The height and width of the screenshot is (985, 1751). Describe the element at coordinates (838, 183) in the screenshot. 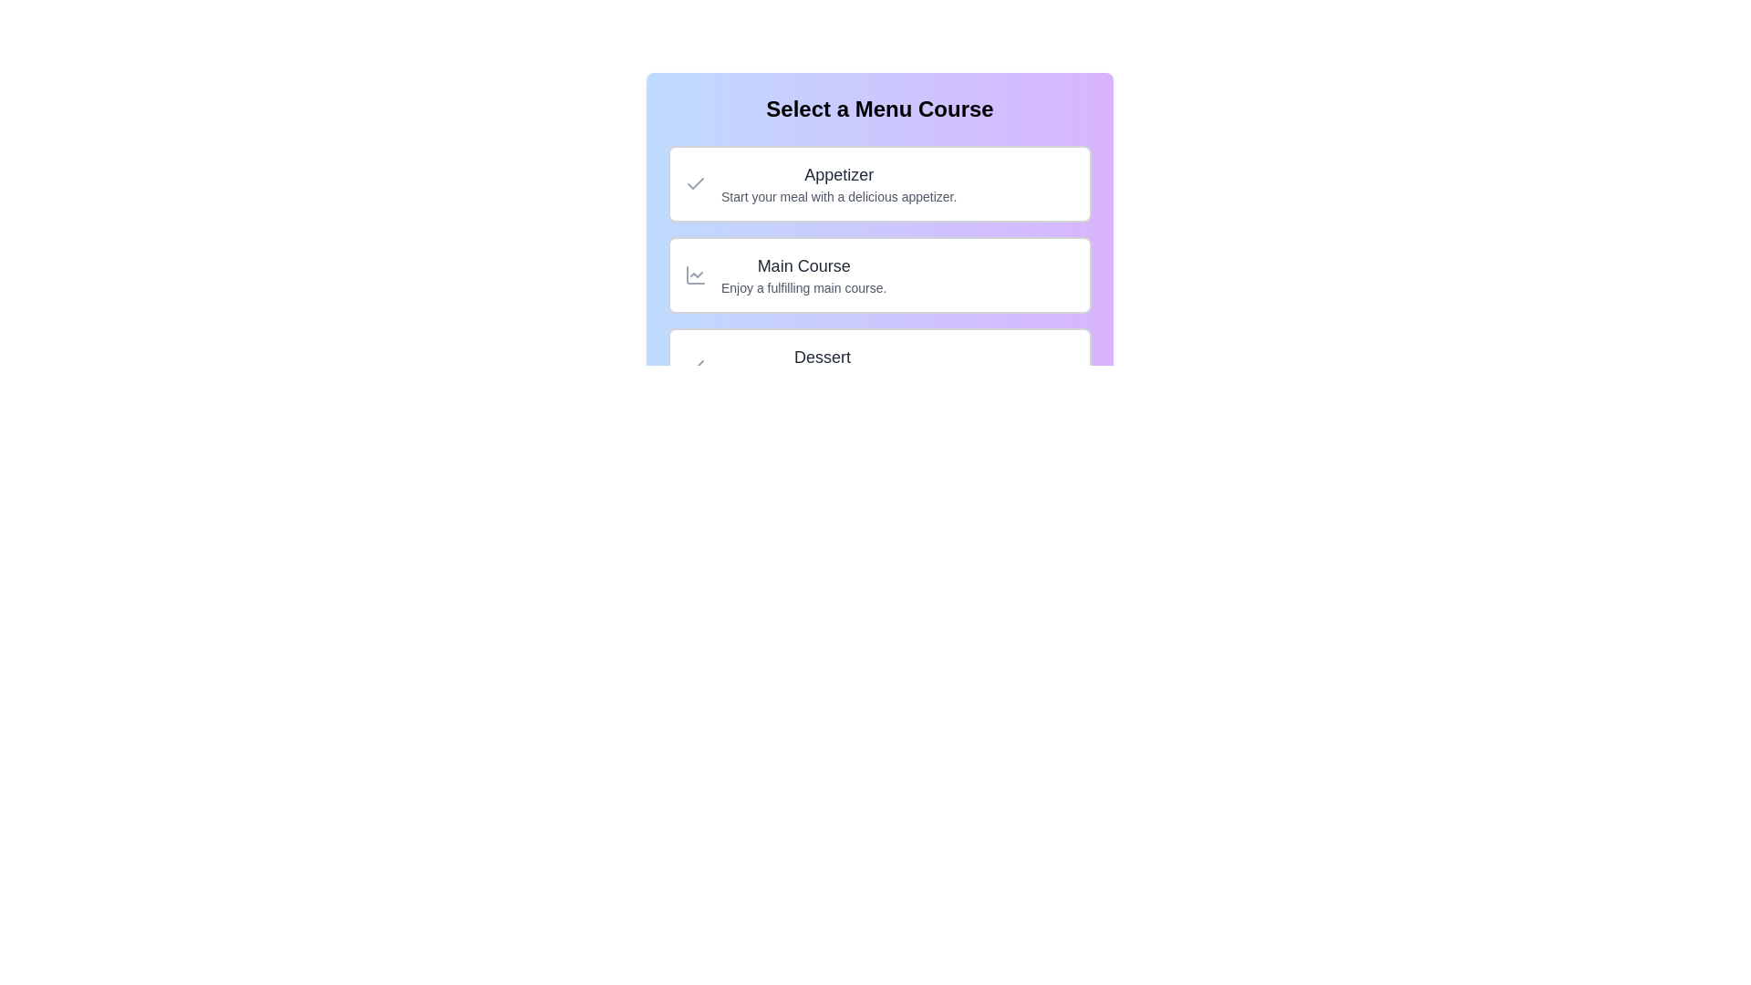

I see `text content of the 'Appetizer' menu option label located in the topmost section of the option cards` at that location.